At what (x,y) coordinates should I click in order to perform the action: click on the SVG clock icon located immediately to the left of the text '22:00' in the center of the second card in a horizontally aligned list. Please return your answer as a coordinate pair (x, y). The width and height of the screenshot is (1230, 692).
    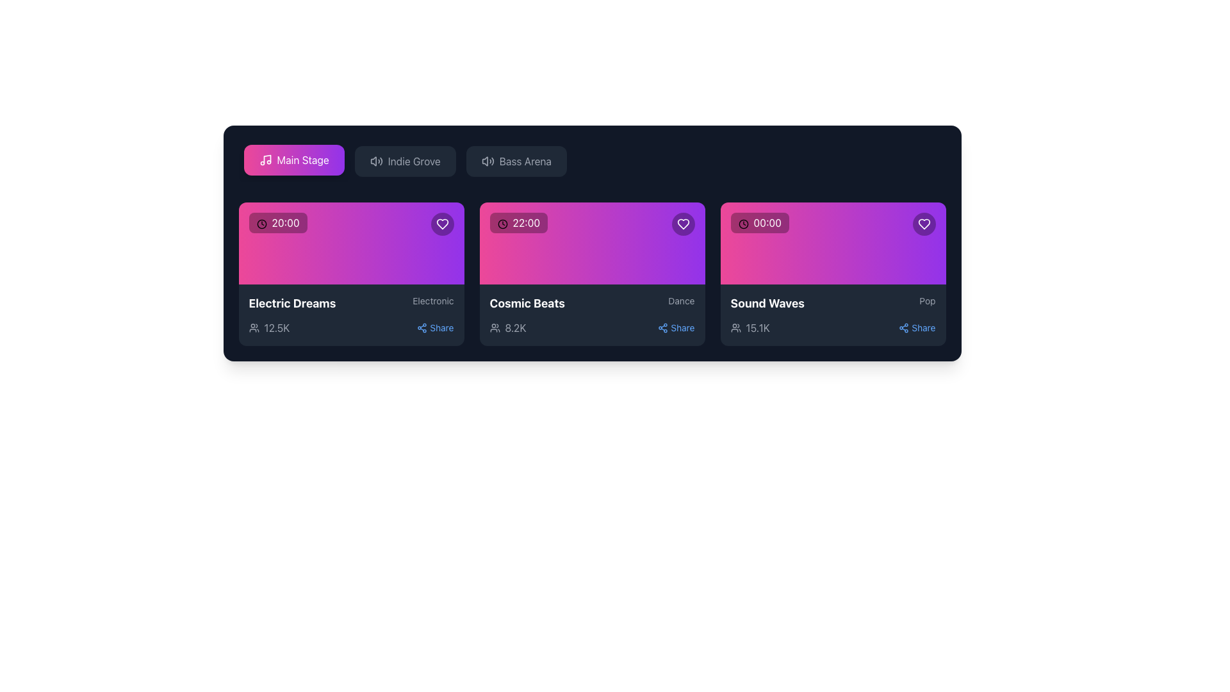
    Looking at the image, I should click on (502, 223).